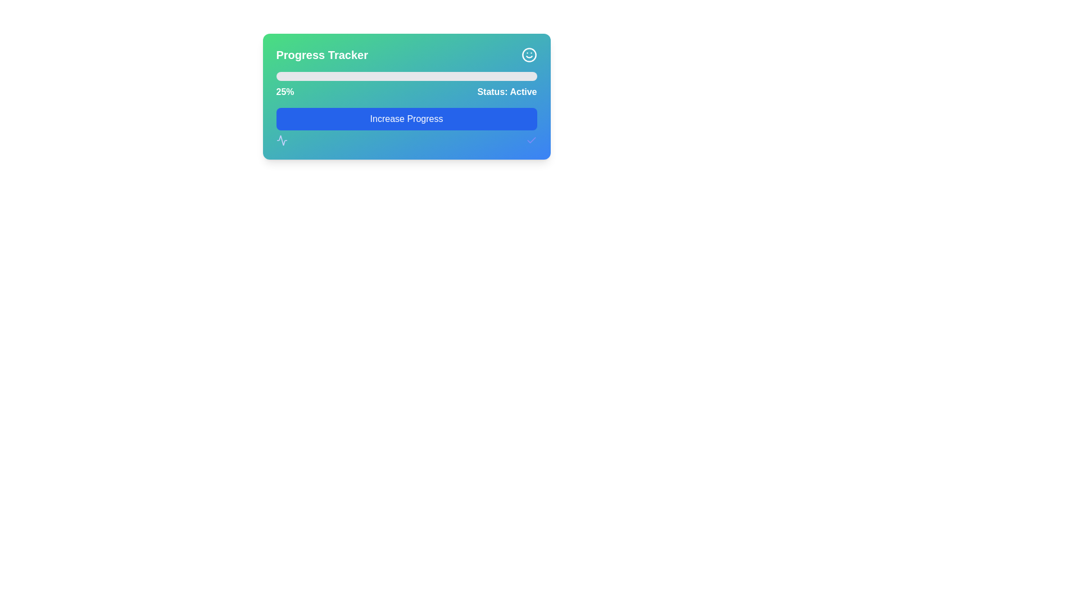 Image resolution: width=1079 pixels, height=607 pixels. I want to click on the visual updates of the Progress bar located centrally below the title 'Progress Tracker', adjacent to '25%' on the left and 'Status: Active' on the right, so click(406, 76).